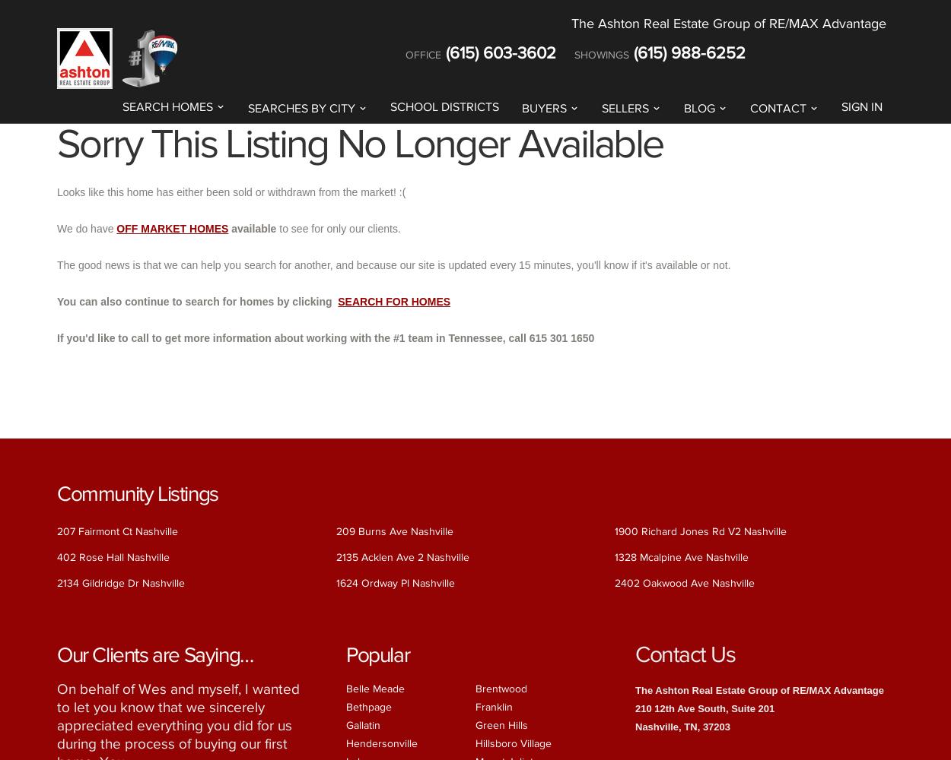  Describe the element at coordinates (368, 706) in the screenshot. I see `'Bethpage'` at that location.